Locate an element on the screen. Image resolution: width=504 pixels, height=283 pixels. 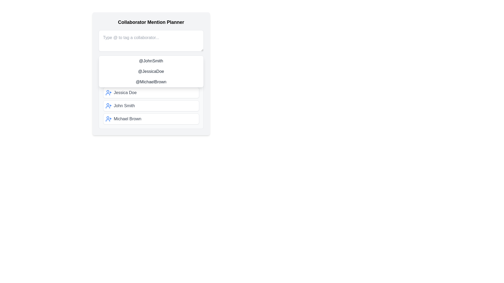
the text item containing the mention '@JohnSmith' is located at coordinates (151, 61).